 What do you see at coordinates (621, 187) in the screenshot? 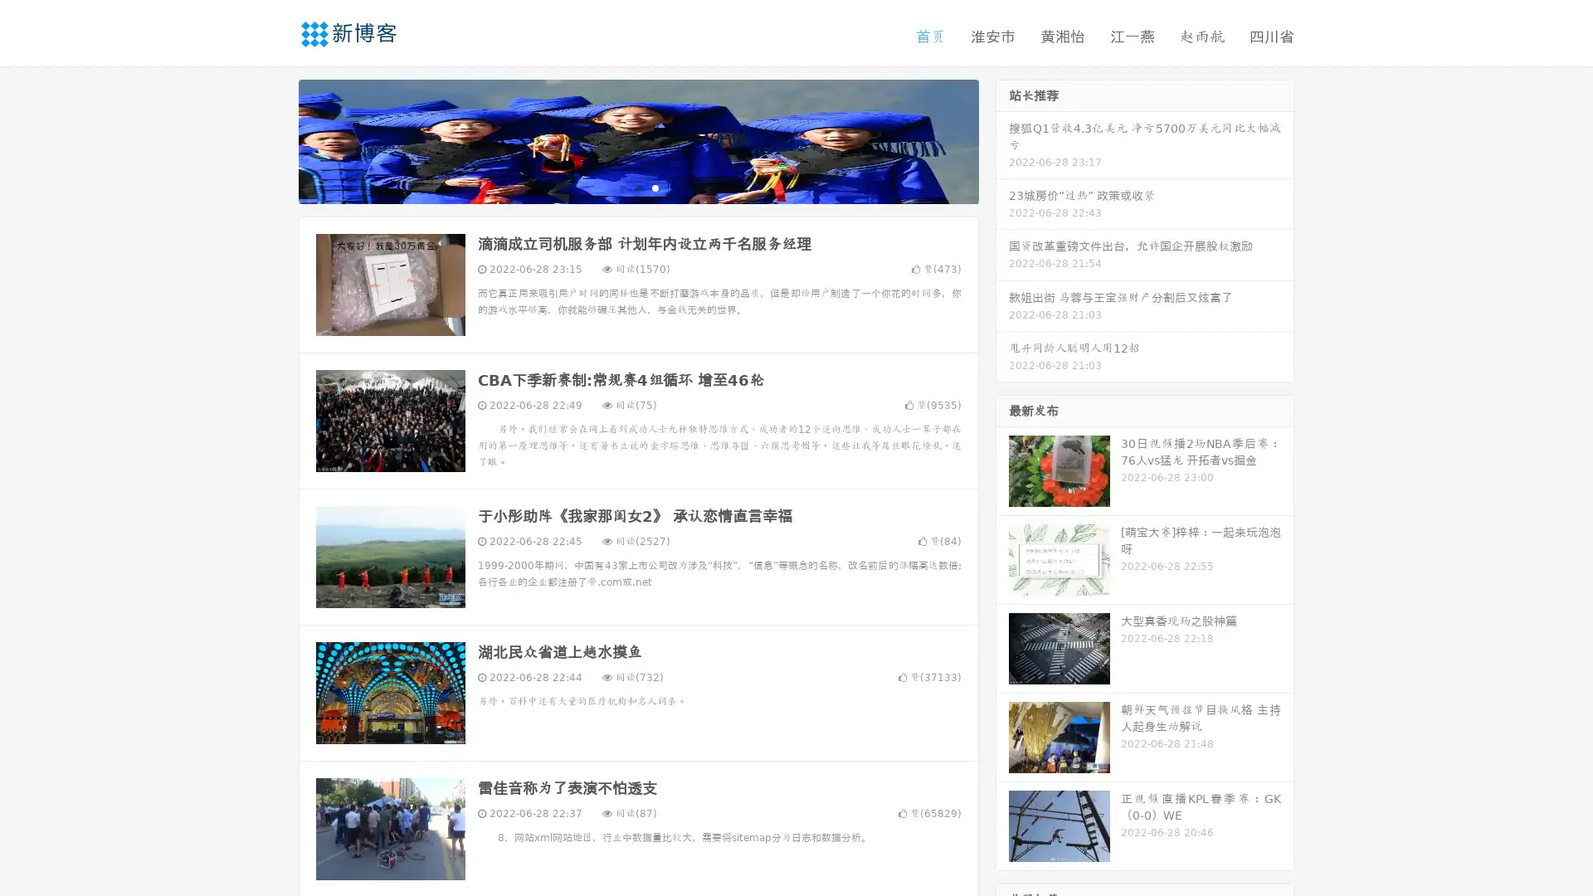
I see `Go to slide 1` at bounding box center [621, 187].